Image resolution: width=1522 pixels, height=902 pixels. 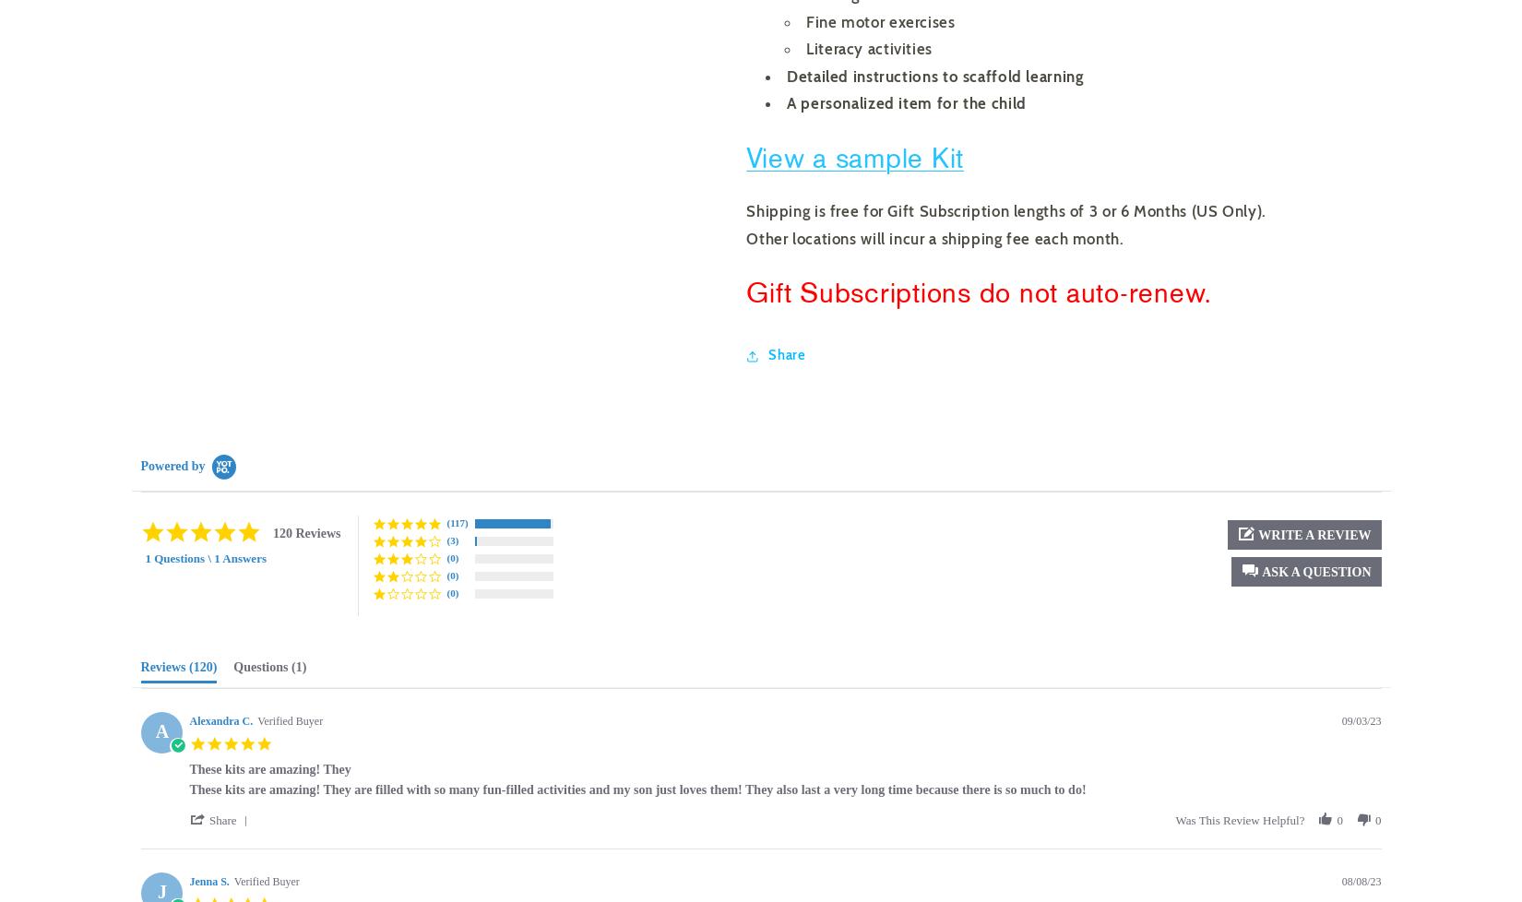 What do you see at coordinates (806, 49) in the screenshot?
I see `'Literacy activities'` at bounding box center [806, 49].